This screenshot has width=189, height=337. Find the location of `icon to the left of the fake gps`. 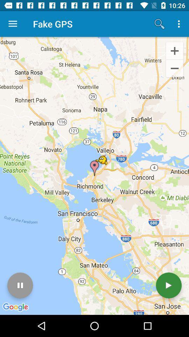

icon to the left of the fake gps is located at coordinates (13, 24).